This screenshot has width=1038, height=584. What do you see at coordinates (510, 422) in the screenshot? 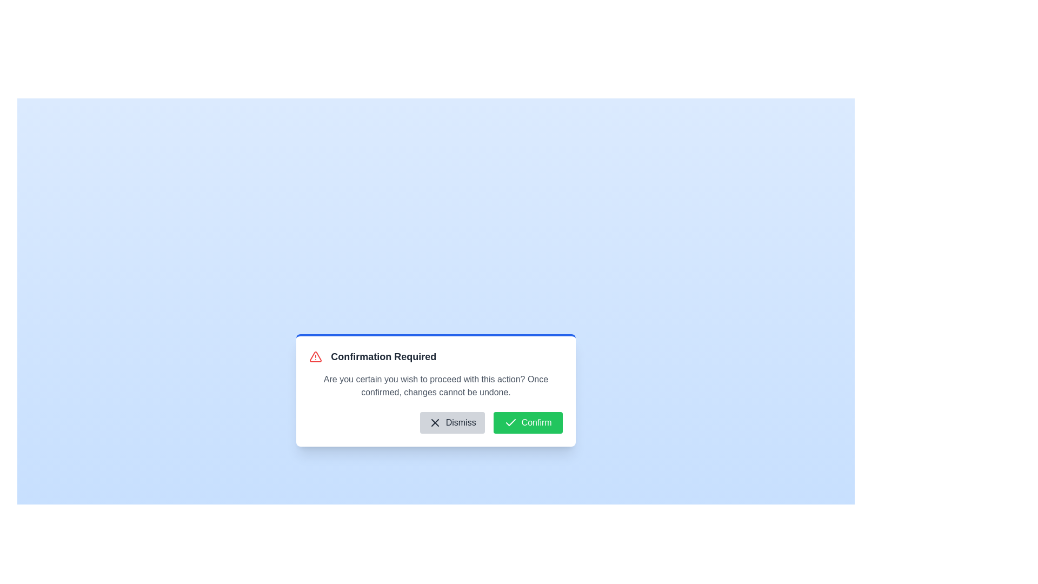
I see `the tick-shaped icon inside the green 'Confirm' button located at the bottom-right of the dialog modal` at bounding box center [510, 422].